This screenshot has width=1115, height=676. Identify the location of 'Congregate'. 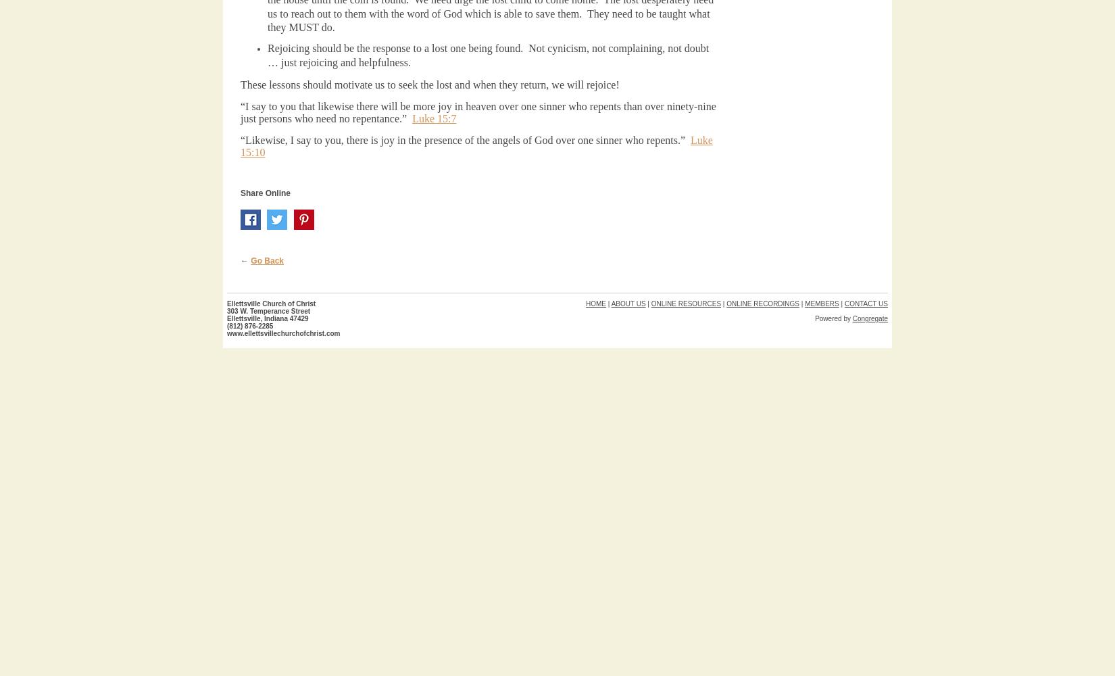
(851, 318).